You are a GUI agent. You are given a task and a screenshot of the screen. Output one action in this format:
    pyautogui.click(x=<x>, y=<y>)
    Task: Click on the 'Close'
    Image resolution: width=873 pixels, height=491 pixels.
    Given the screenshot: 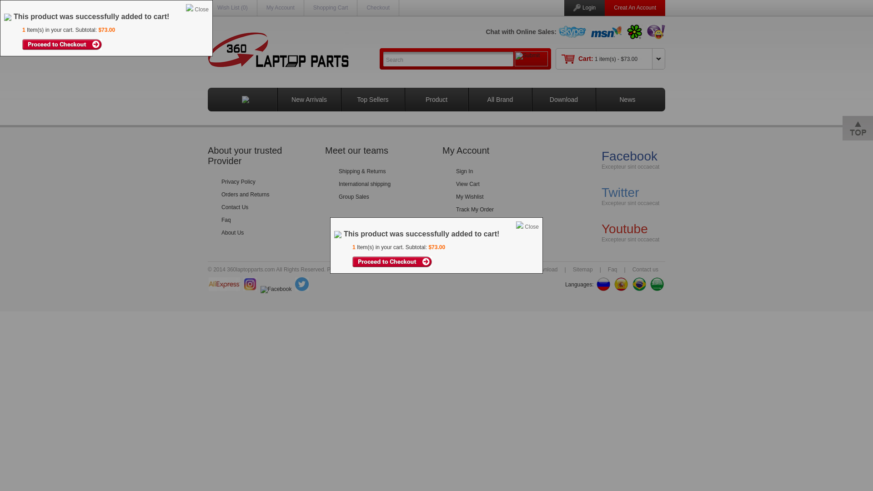 What is the action you would take?
    pyautogui.click(x=532, y=226)
    